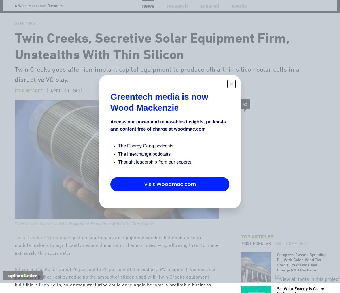 The width and height of the screenshot is (340, 293). Describe the element at coordinates (59, 24) in the screenshot. I see `'Solar'` at that location.